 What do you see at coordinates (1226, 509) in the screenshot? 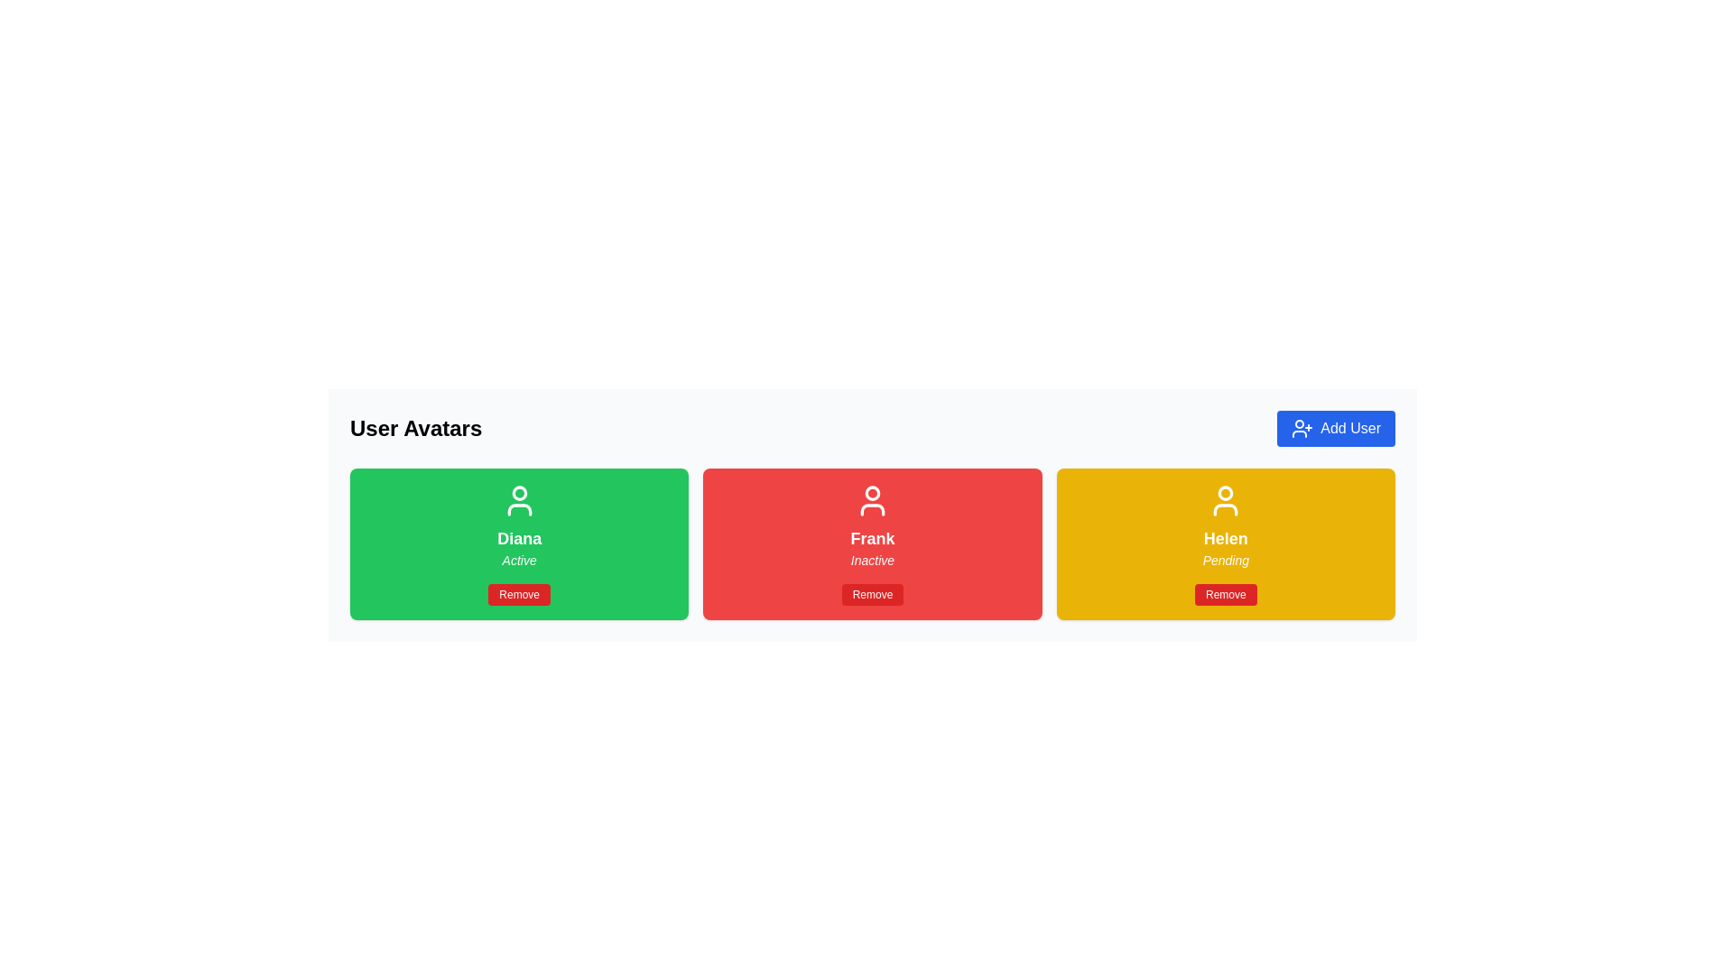
I see `the user avatar icon for 'Helen' with status 'Pending', located at the center-top of the yellow card` at bounding box center [1226, 509].